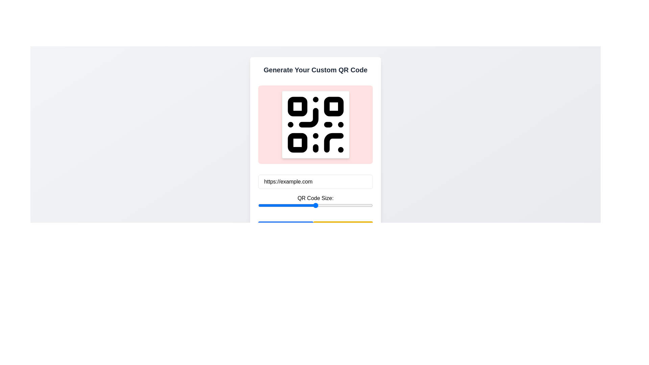  What do you see at coordinates (297, 142) in the screenshot?
I see `the bottom-left square of the QR code, which is represented as a graphical SVG rectangle and is part of a larger QR code structure` at bounding box center [297, 142].